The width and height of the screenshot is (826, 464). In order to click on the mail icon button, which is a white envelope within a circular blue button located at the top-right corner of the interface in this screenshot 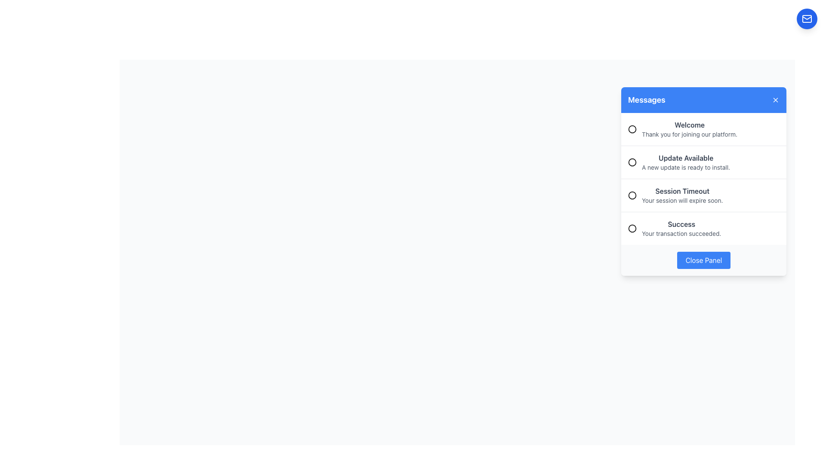, I will do `click(807, 18)`.